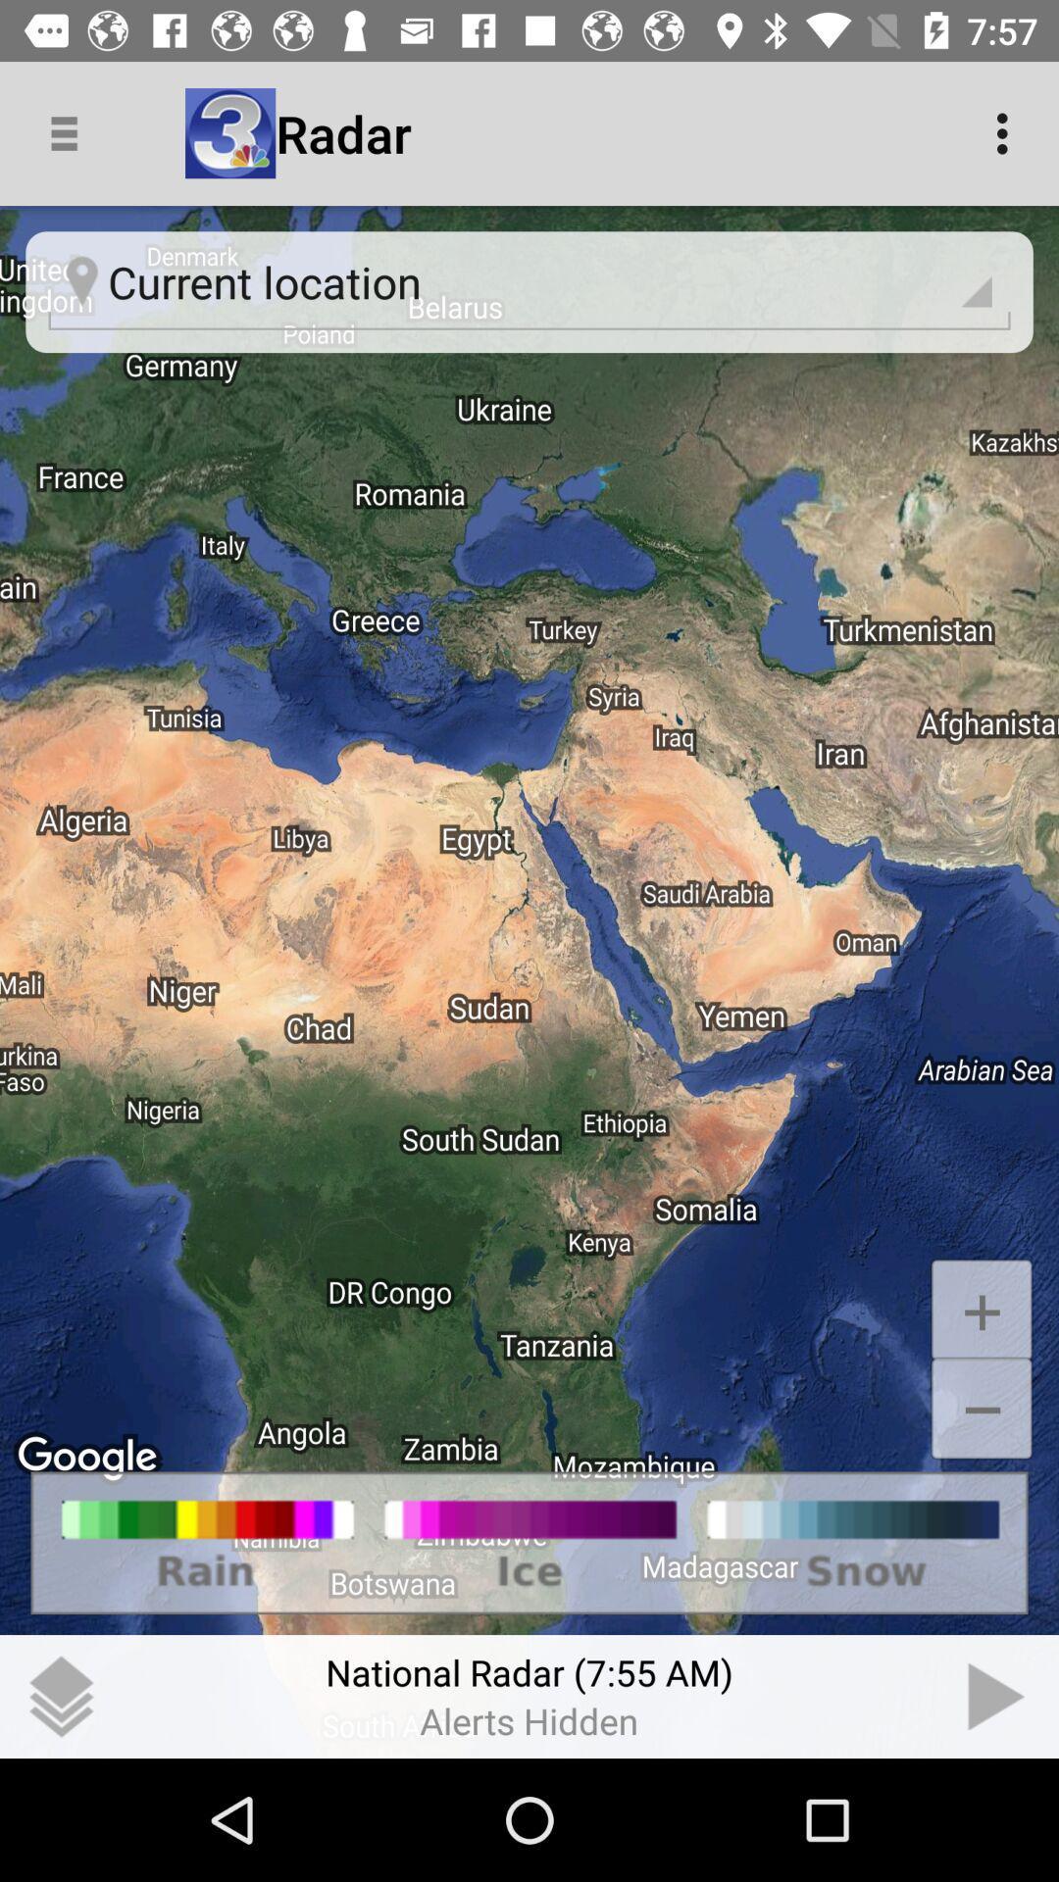 The height and width of the screenshot is (1882, 1059). I want to click on go forward in time, so click(997, 1696).